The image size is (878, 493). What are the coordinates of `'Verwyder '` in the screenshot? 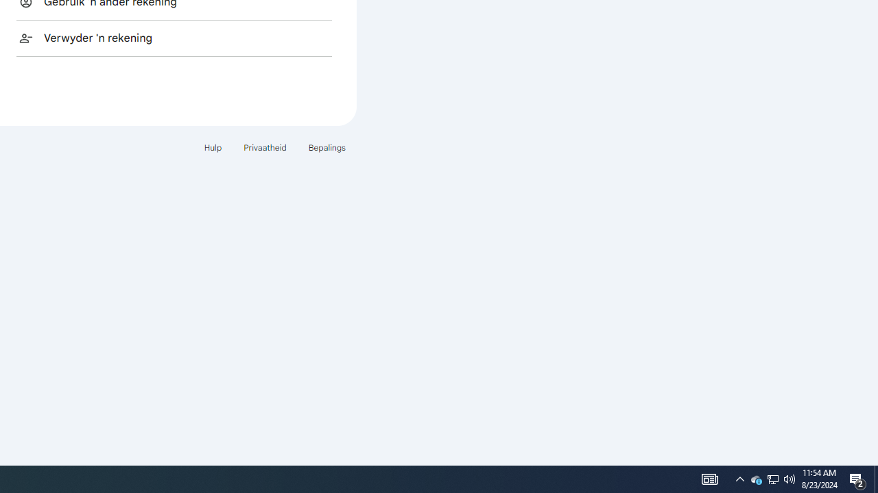 It's located at (174, 37).